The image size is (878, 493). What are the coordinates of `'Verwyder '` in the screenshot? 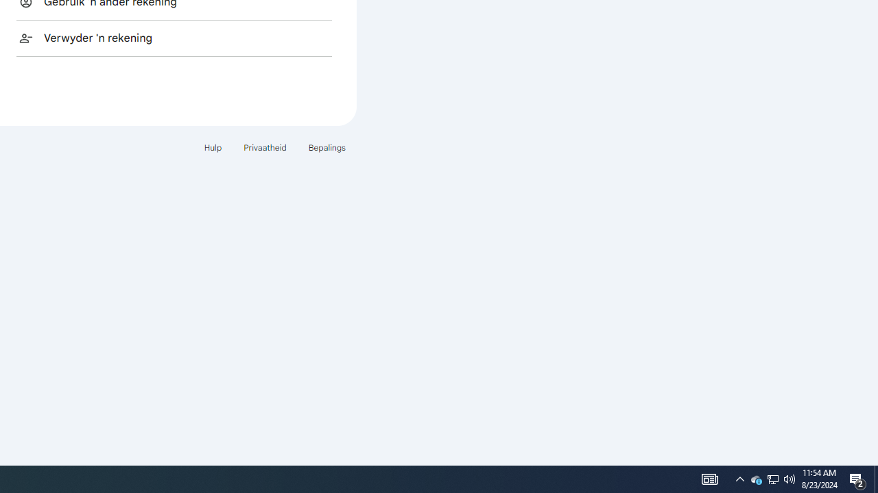 It's located at (174, 37).